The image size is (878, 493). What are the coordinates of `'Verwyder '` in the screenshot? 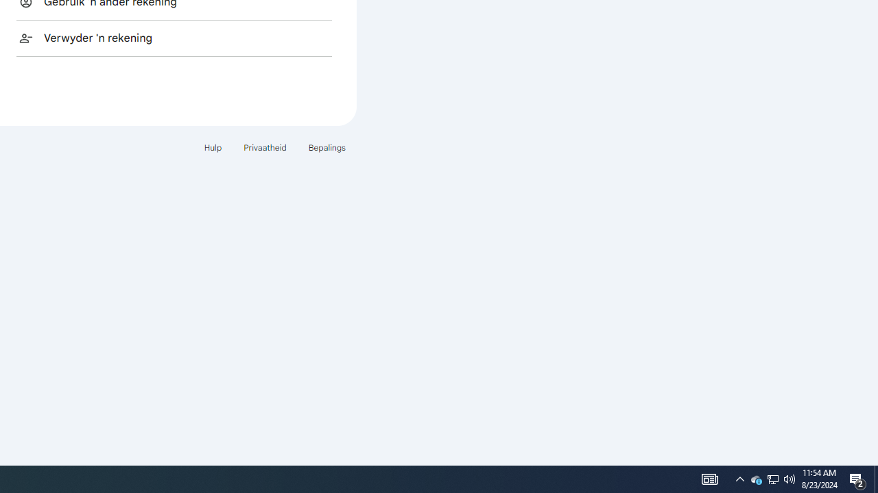 It's located at (174, 37).